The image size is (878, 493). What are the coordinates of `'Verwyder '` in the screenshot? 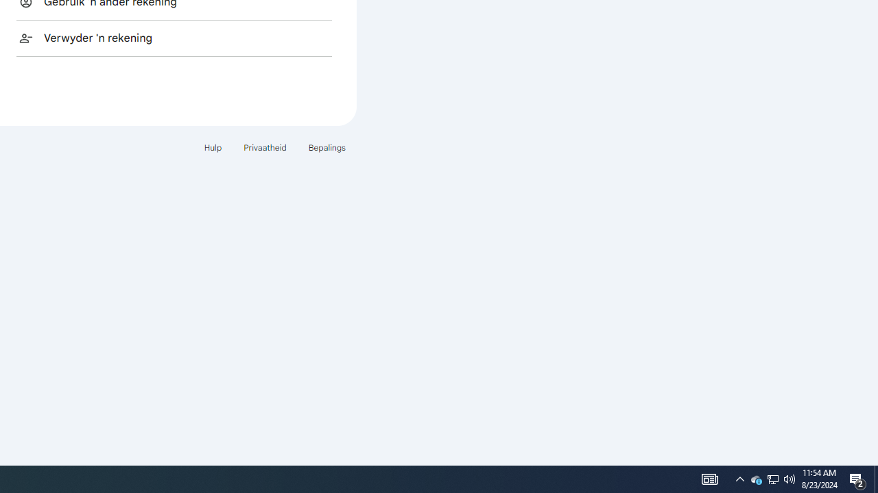 It's located at (174, 37).